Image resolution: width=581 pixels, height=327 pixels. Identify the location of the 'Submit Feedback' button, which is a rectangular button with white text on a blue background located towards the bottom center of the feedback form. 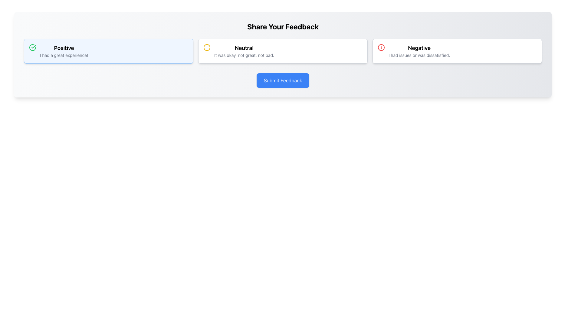
(283, 80).